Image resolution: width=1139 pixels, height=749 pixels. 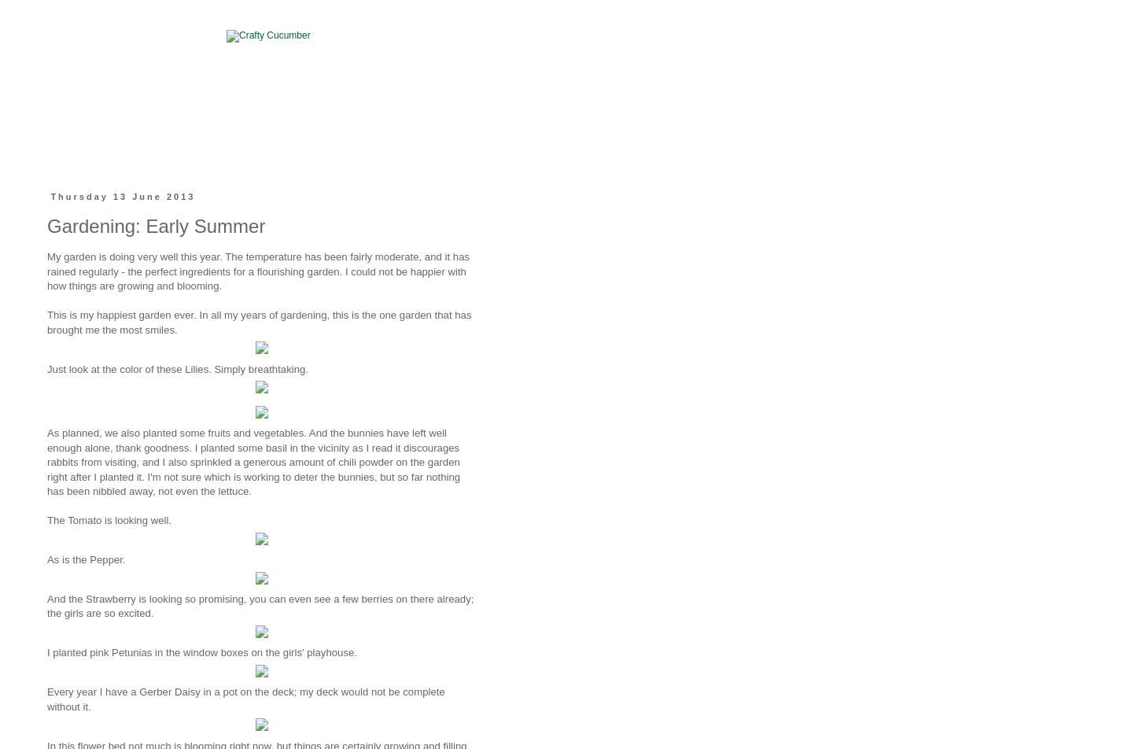 I want to click on 'As planned, we also planted some fruits and vegetables. And the bunnies have left well enough alone, thank goodness. I planted some basil in the vicinity as I read it discourages rabbits from visiting, and I also sprinkled a generous amount of chili powder on the garden right after I planted it. I'm not sure which is working to deter the bunnies, but so far nothing has been nibbled away, not even the lettuce.', so click(x=252, y=462).